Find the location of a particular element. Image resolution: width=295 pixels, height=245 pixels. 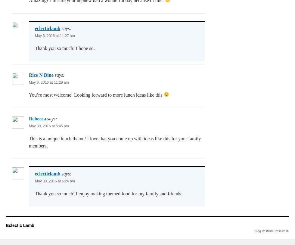

'Blog at WordPress.com.' is located at coordinates (271, 230).